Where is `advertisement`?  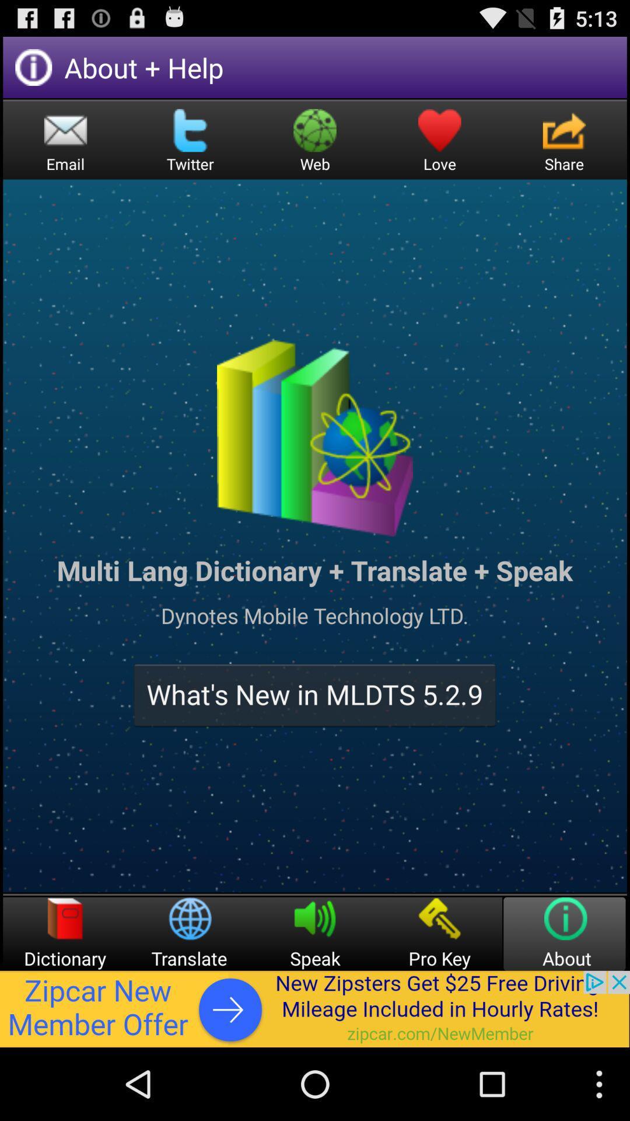
advertisement is located at coordinates (315, 1008).